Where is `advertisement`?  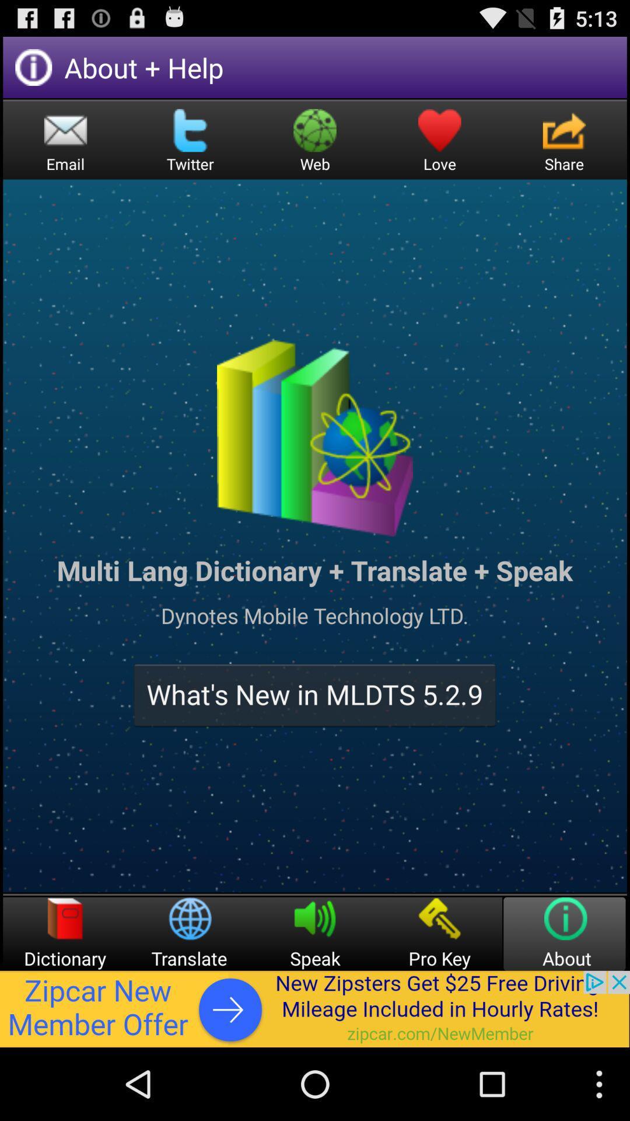
advertisement is located at coordinates (315, 1008).